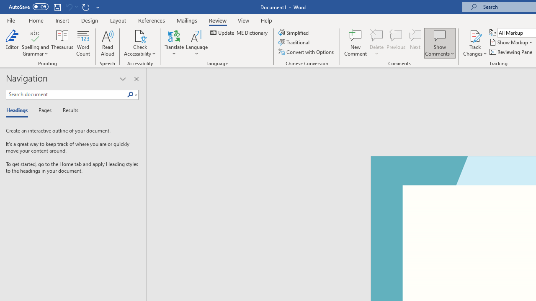  Describe the element at coordinates (122, 79) in the screenshot. I see `'Task Pane Options'` at that location.